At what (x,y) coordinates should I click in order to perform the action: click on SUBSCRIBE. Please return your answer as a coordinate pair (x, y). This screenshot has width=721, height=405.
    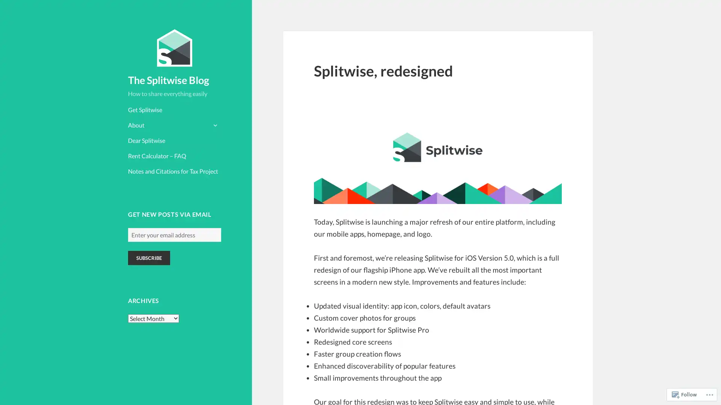
    Looking at the image, I should click on (149, 257).